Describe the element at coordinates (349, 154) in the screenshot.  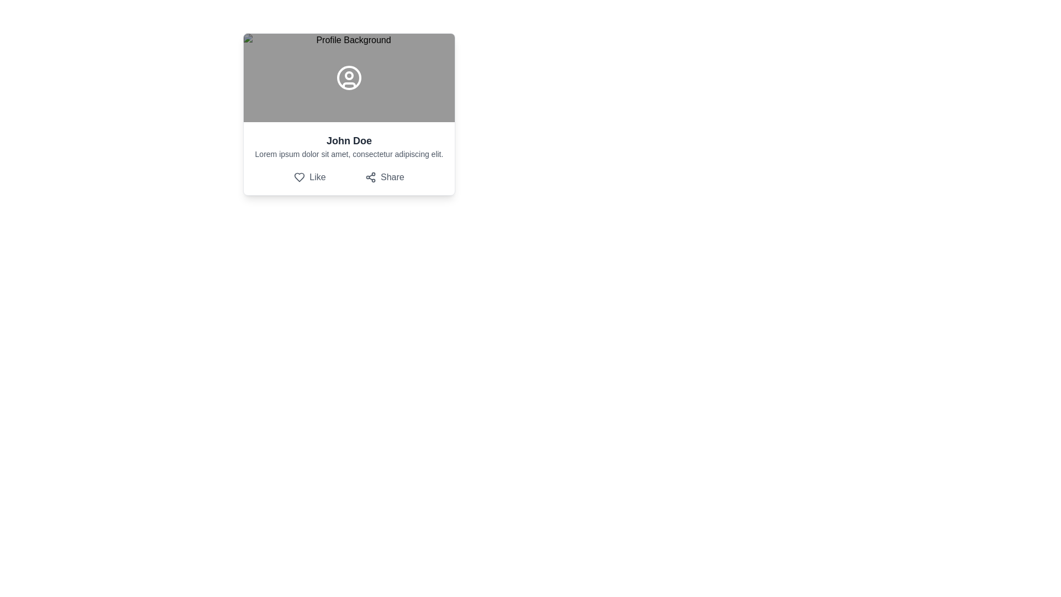
I see `the text display element located directly below 'John Doe' which provides supplementary information about the entity` at that location.